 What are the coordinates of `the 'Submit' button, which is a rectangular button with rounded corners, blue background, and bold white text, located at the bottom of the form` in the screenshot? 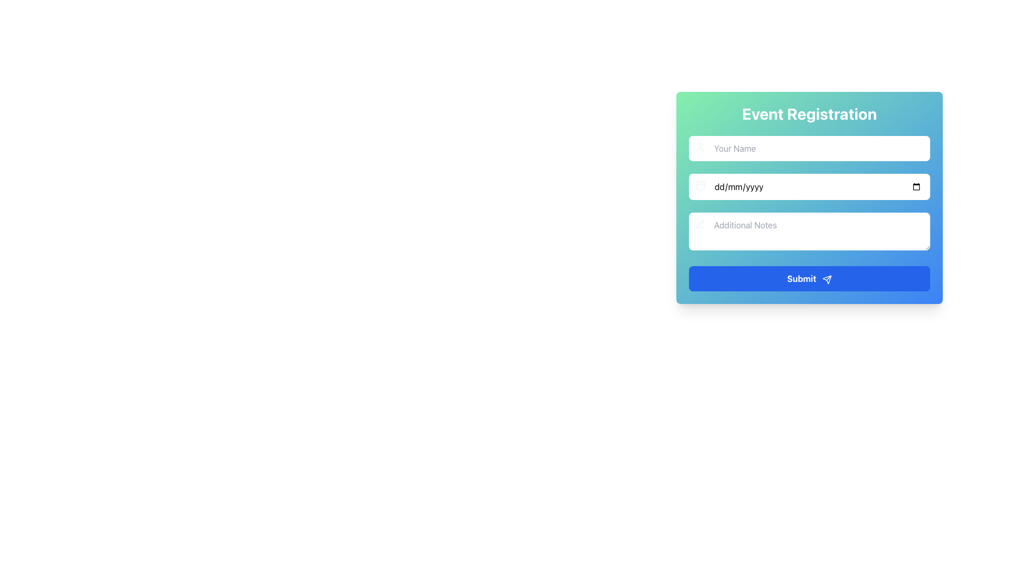 It's located at (809, 278).